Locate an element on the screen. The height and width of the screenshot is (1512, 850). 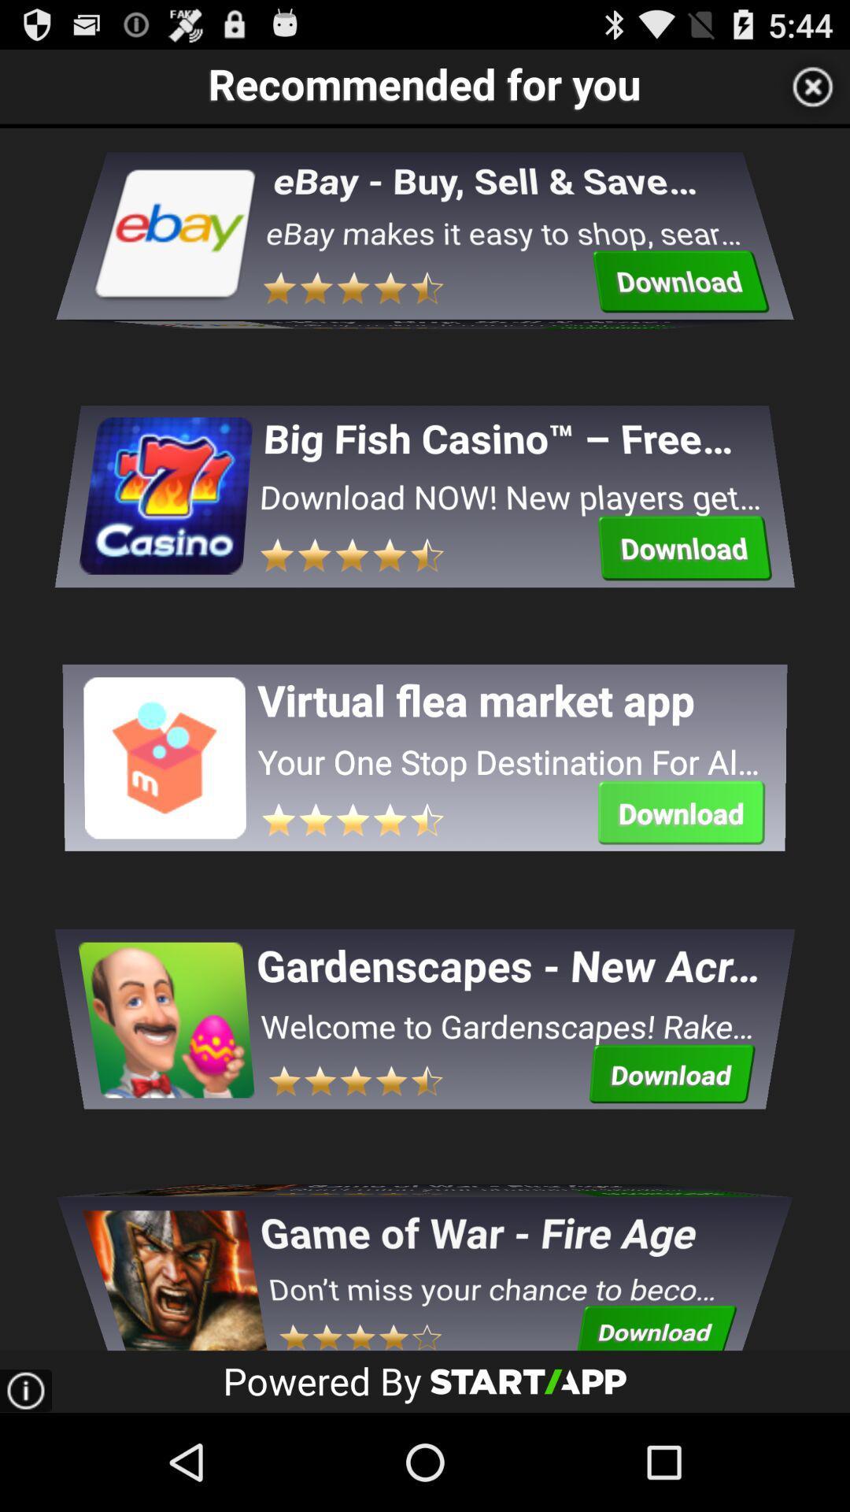
the close icon is located at coordinates (812, 92).